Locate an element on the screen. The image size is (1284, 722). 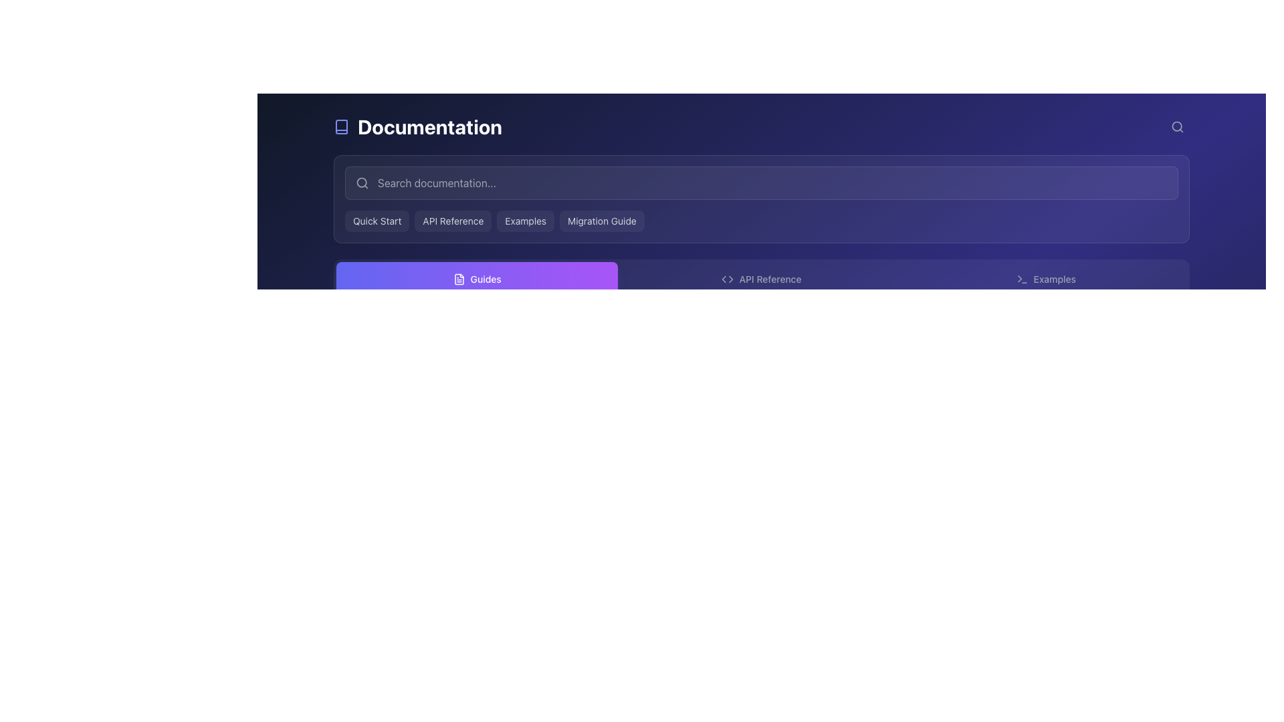
the search input field located at the top section of the interface, which has a placeholder for typing queries to search through the documentation is located at coordinates (761, 183).